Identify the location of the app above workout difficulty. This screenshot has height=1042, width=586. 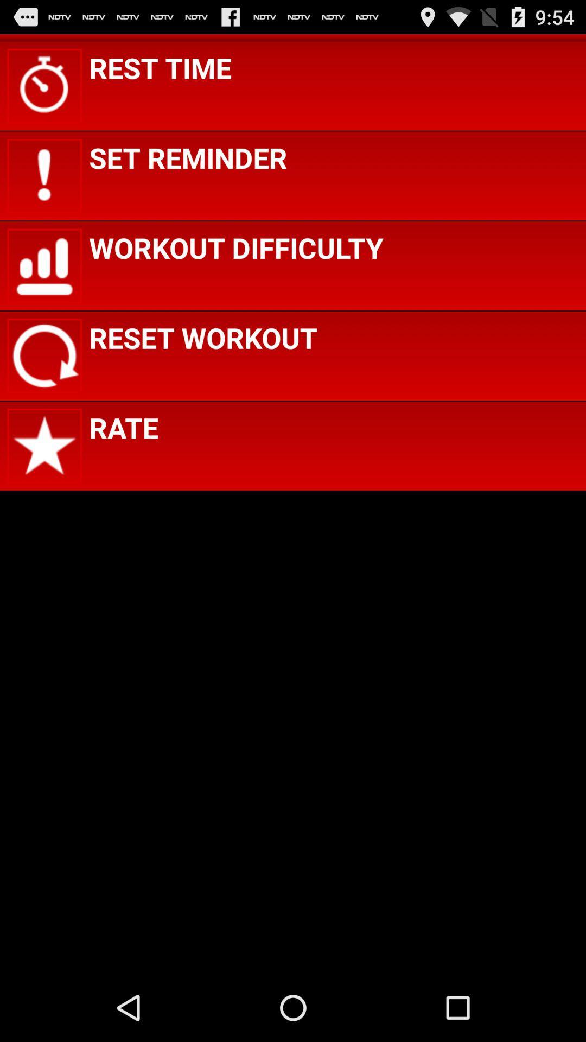
(187, 157).